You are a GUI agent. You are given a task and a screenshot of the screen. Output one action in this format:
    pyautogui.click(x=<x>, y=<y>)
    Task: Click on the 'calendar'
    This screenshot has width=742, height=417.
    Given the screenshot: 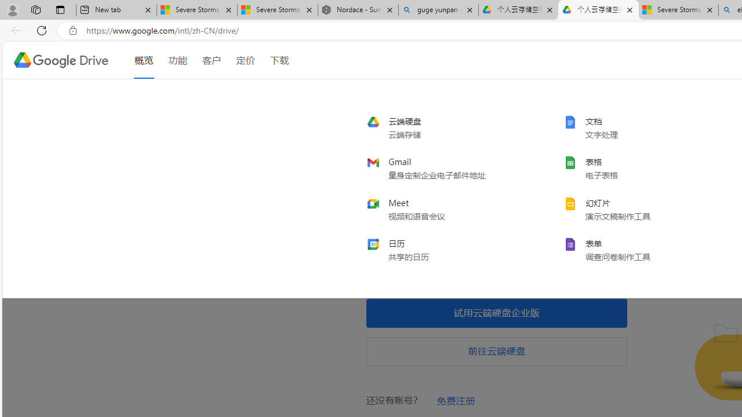 What is the action you would take?
    pyautogui.click(x=443, y=249)
    